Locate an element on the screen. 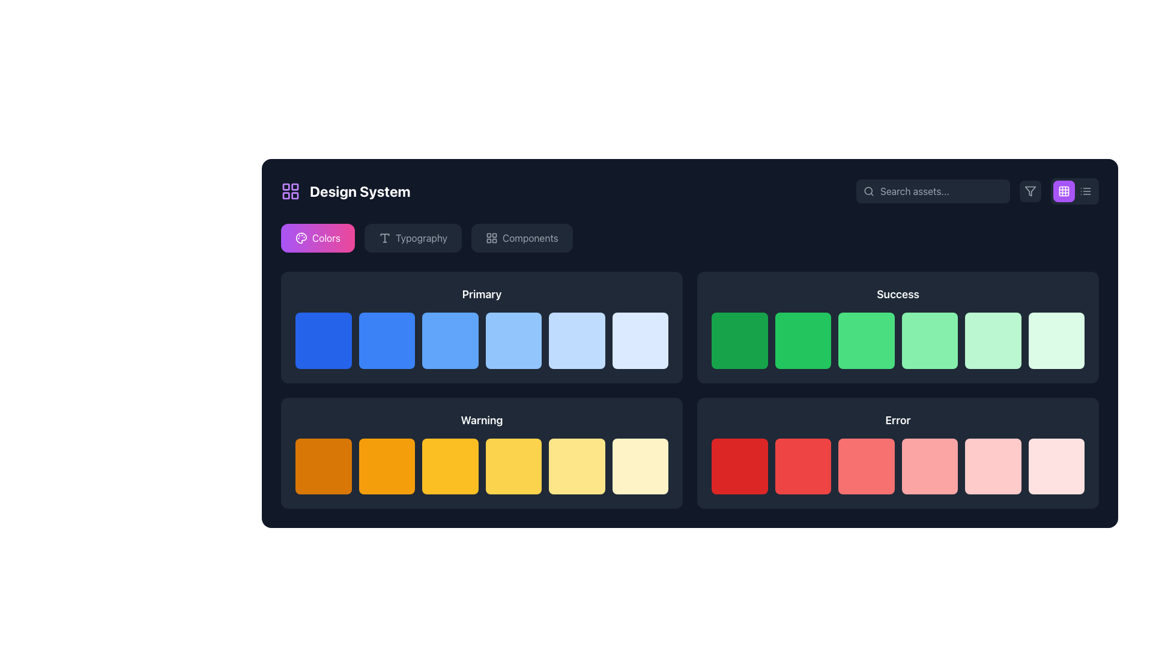 The width and height of the screenshot is (1153, 648). the small square with rounded corners located in the upper-left corner of the 2x2 grid in the header section, left of the 'Design System' text is located at coordinates (285, 187).